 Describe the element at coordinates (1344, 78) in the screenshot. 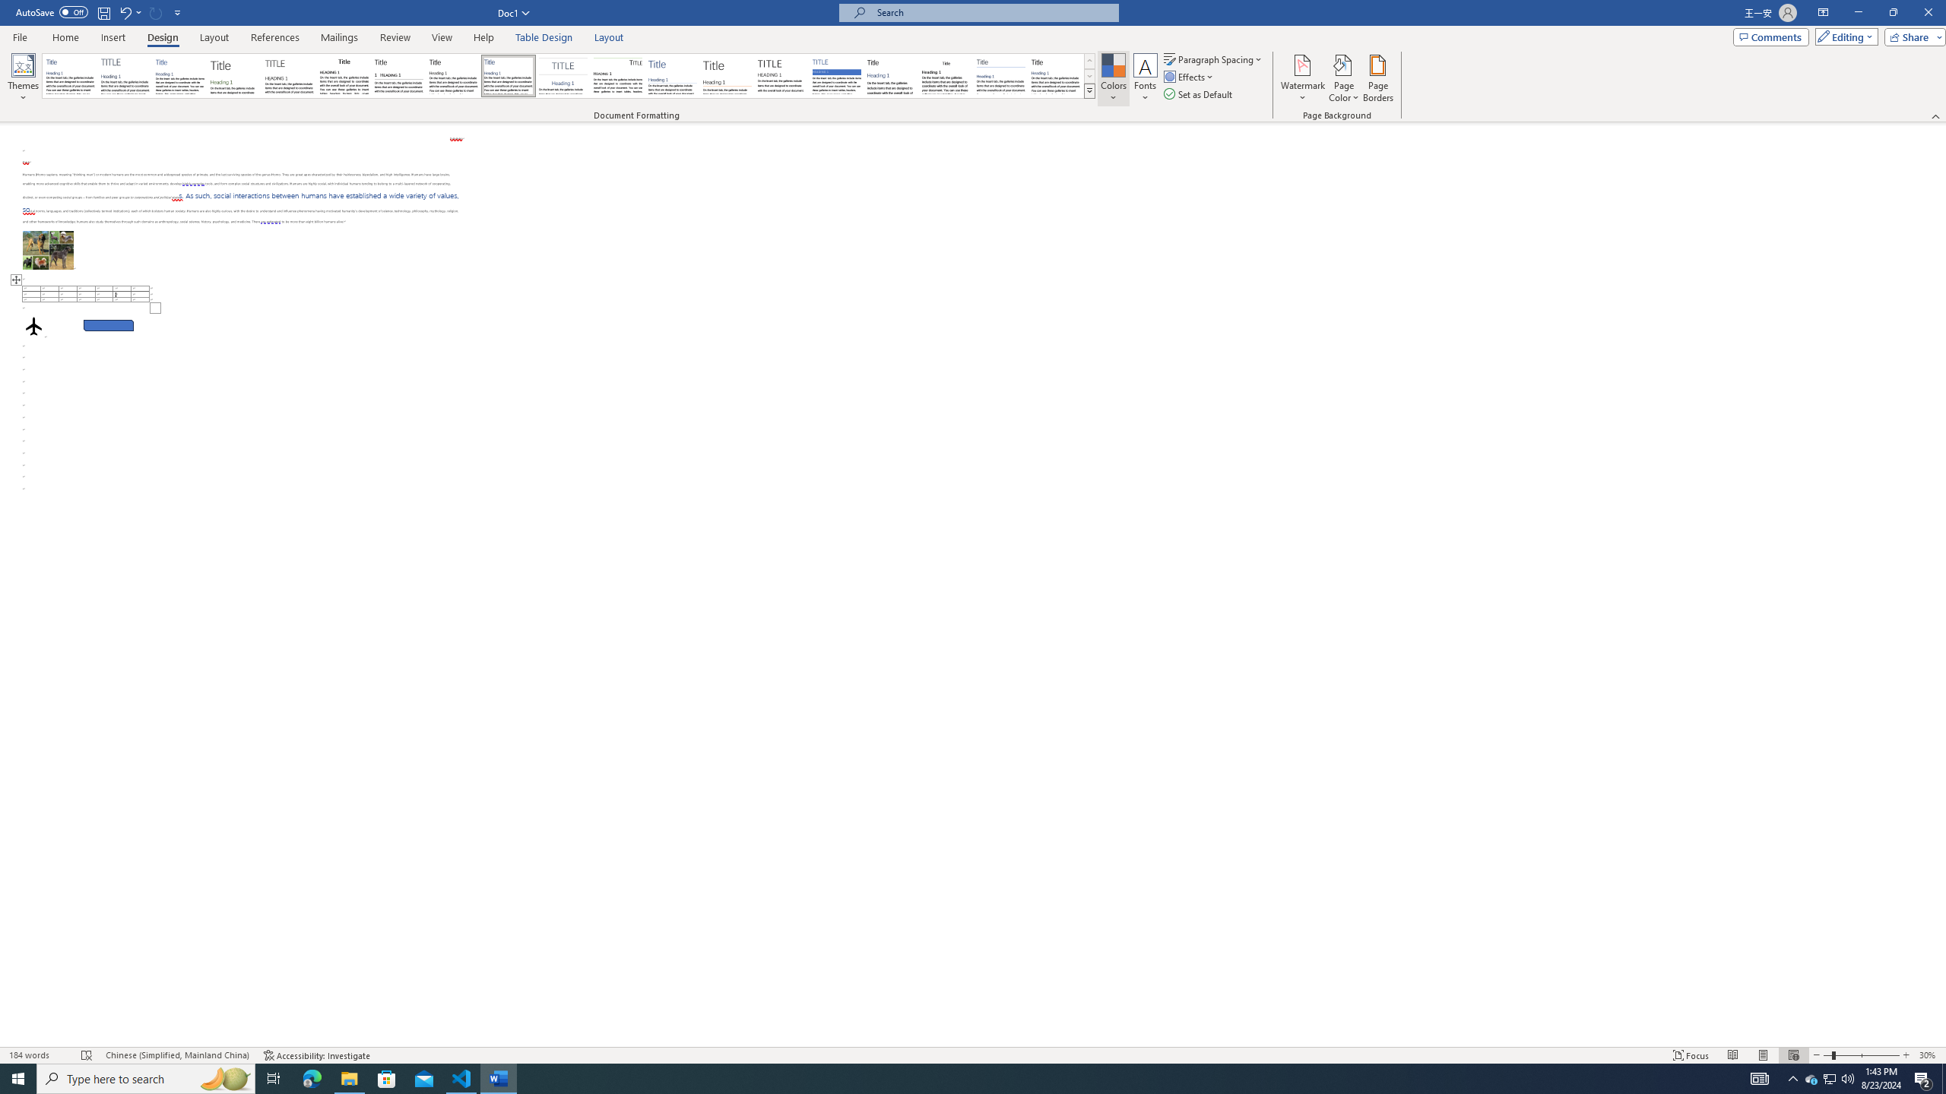

I see `'Page Color'` at that location.